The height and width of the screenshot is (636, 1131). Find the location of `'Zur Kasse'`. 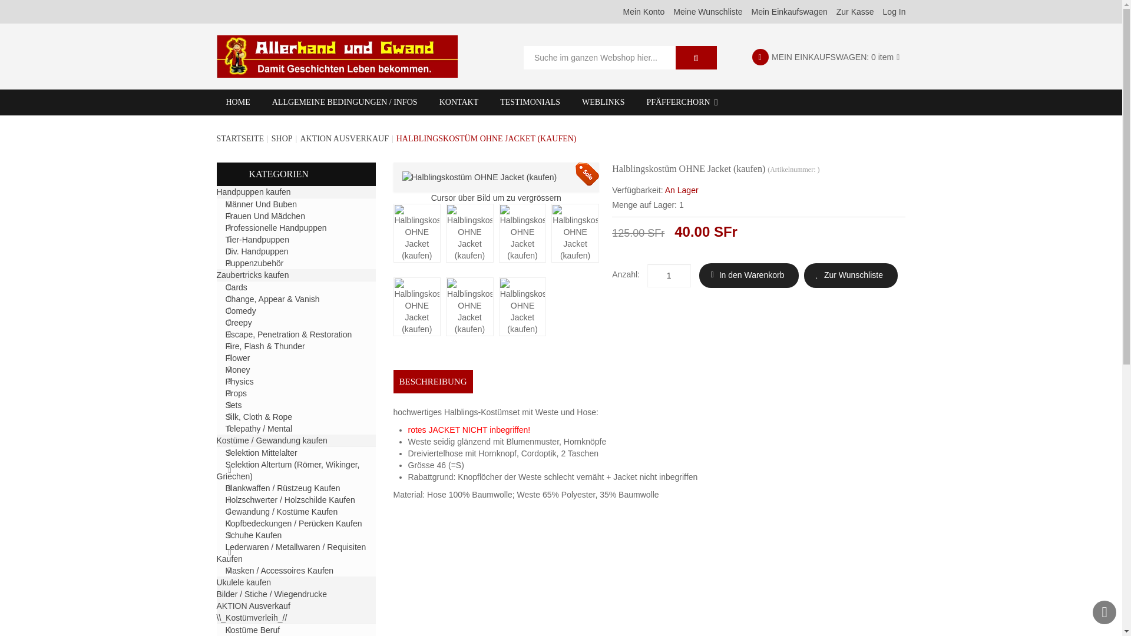

'Zur Kasse' is located at coordinates (855, 11).